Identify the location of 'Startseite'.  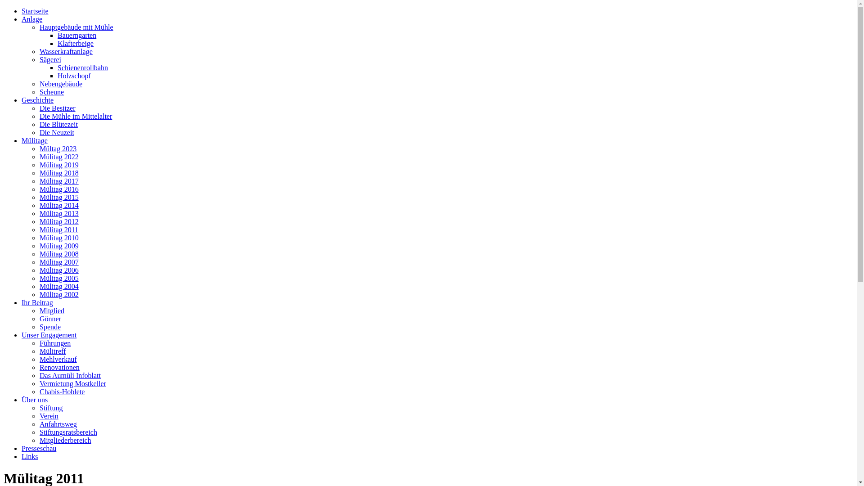
(35, 11).